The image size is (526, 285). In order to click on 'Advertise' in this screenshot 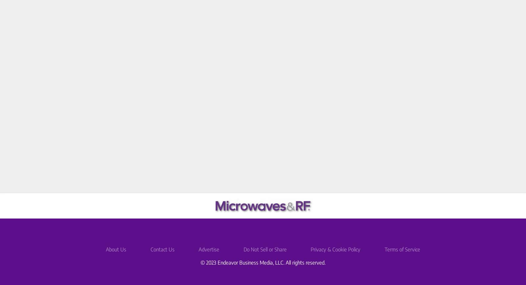, I will do `click(209, 248)`.